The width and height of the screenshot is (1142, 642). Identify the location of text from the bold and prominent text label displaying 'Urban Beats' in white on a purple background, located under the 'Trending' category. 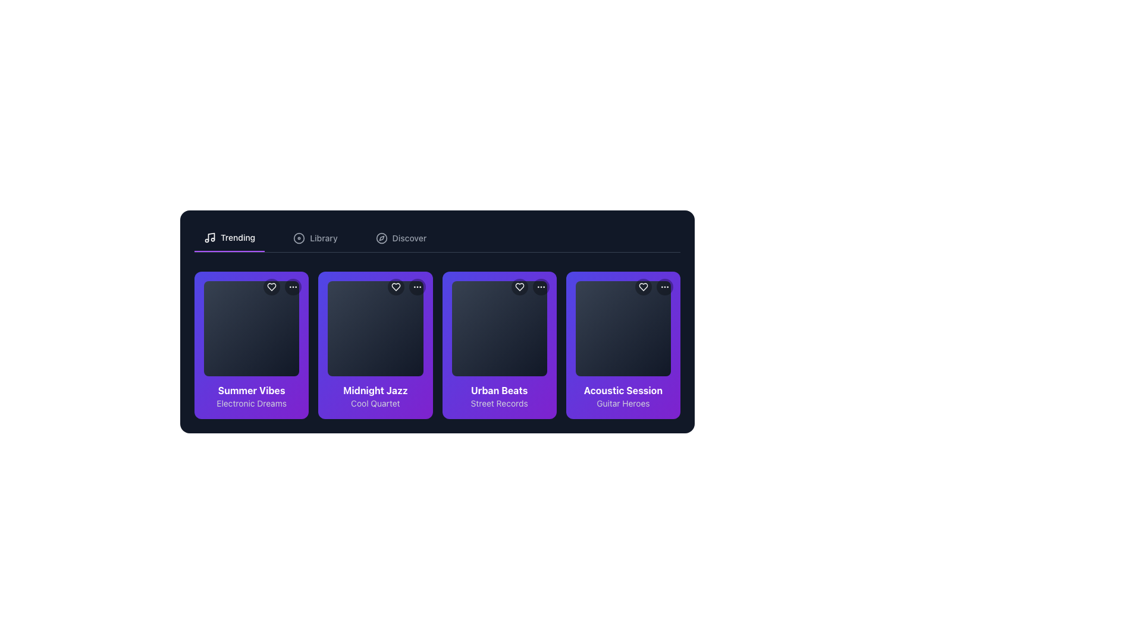
(499, 391).